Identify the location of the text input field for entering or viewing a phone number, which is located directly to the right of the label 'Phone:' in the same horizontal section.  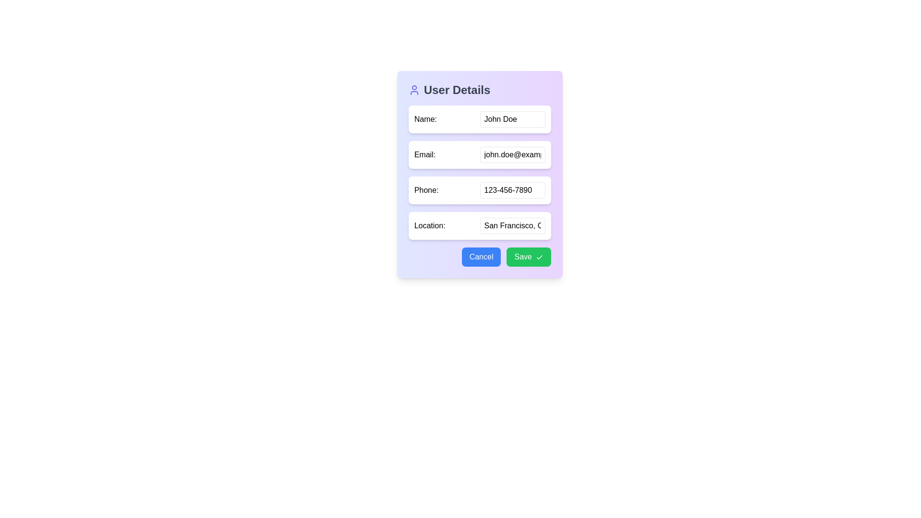
(512, 190).